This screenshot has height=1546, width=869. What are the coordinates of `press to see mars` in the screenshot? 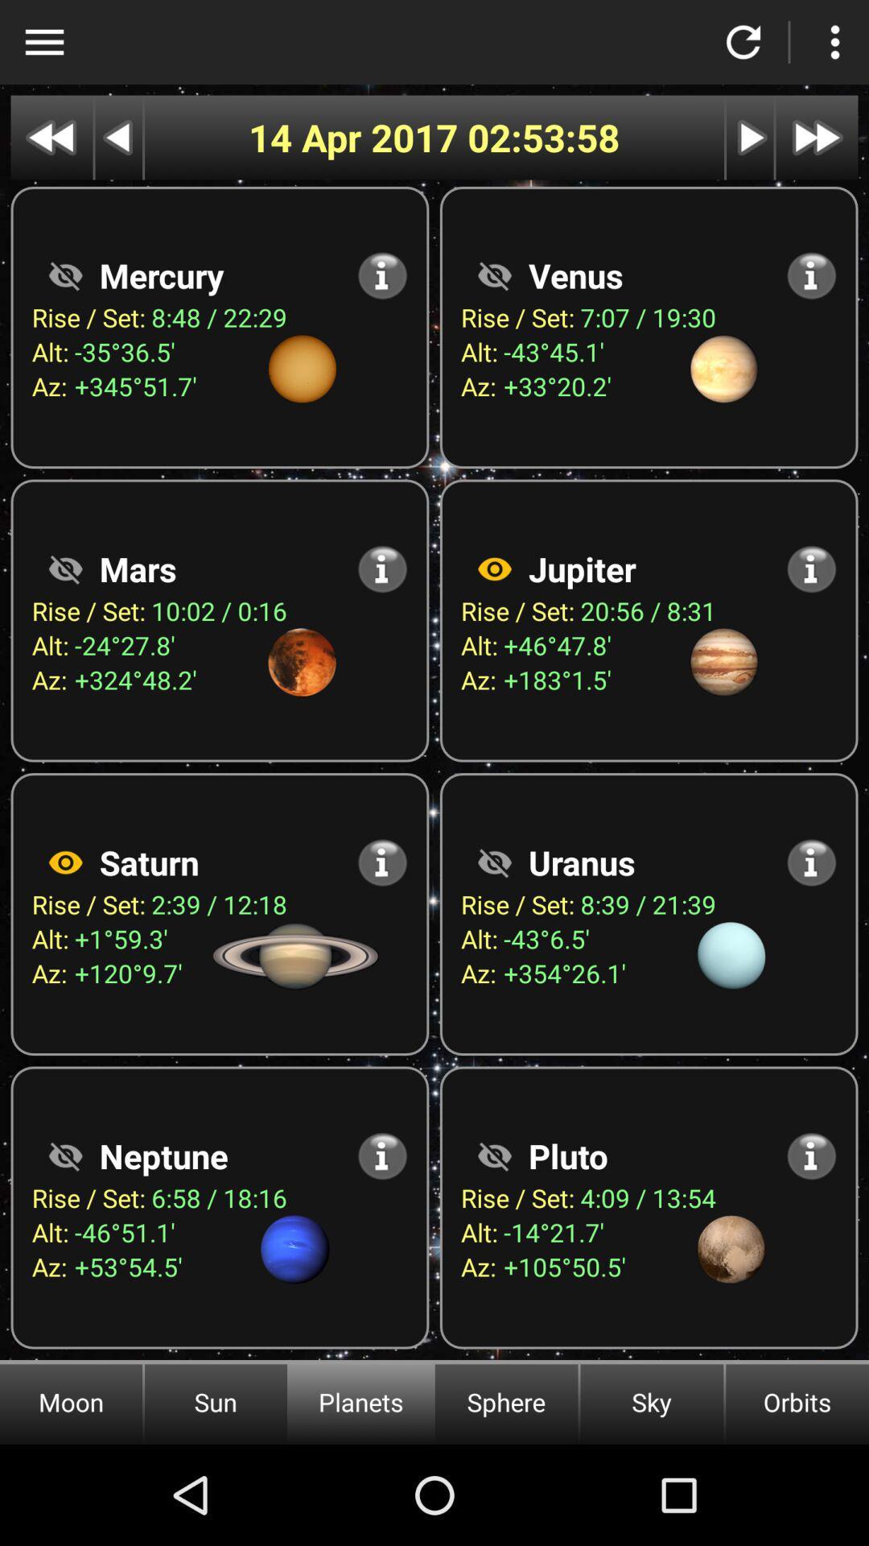 It's located at (64, 568).